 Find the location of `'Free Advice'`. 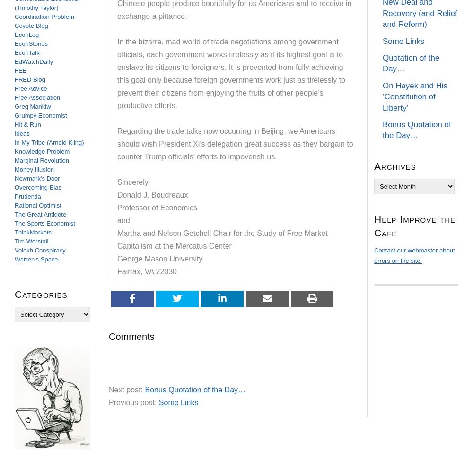

'Free Advice' is located at coordinates (30, 88).